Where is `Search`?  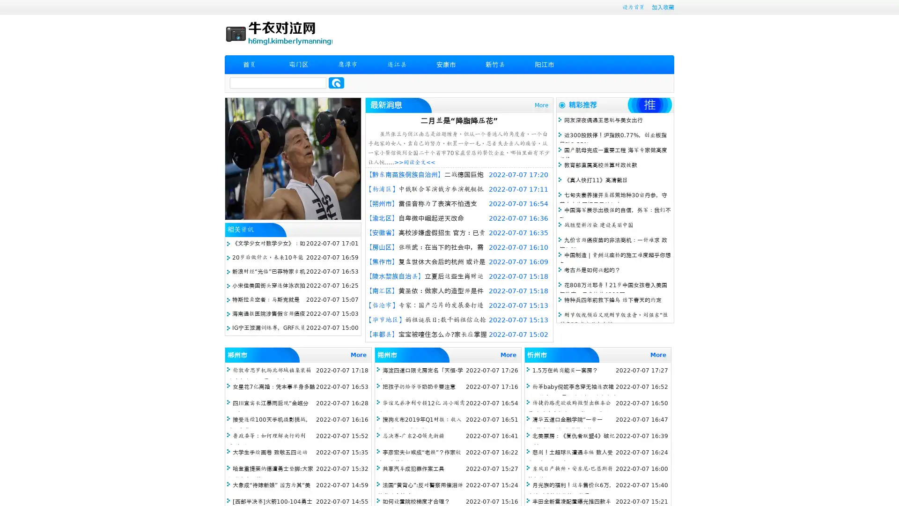
Search is located at coordinates (336, 82).